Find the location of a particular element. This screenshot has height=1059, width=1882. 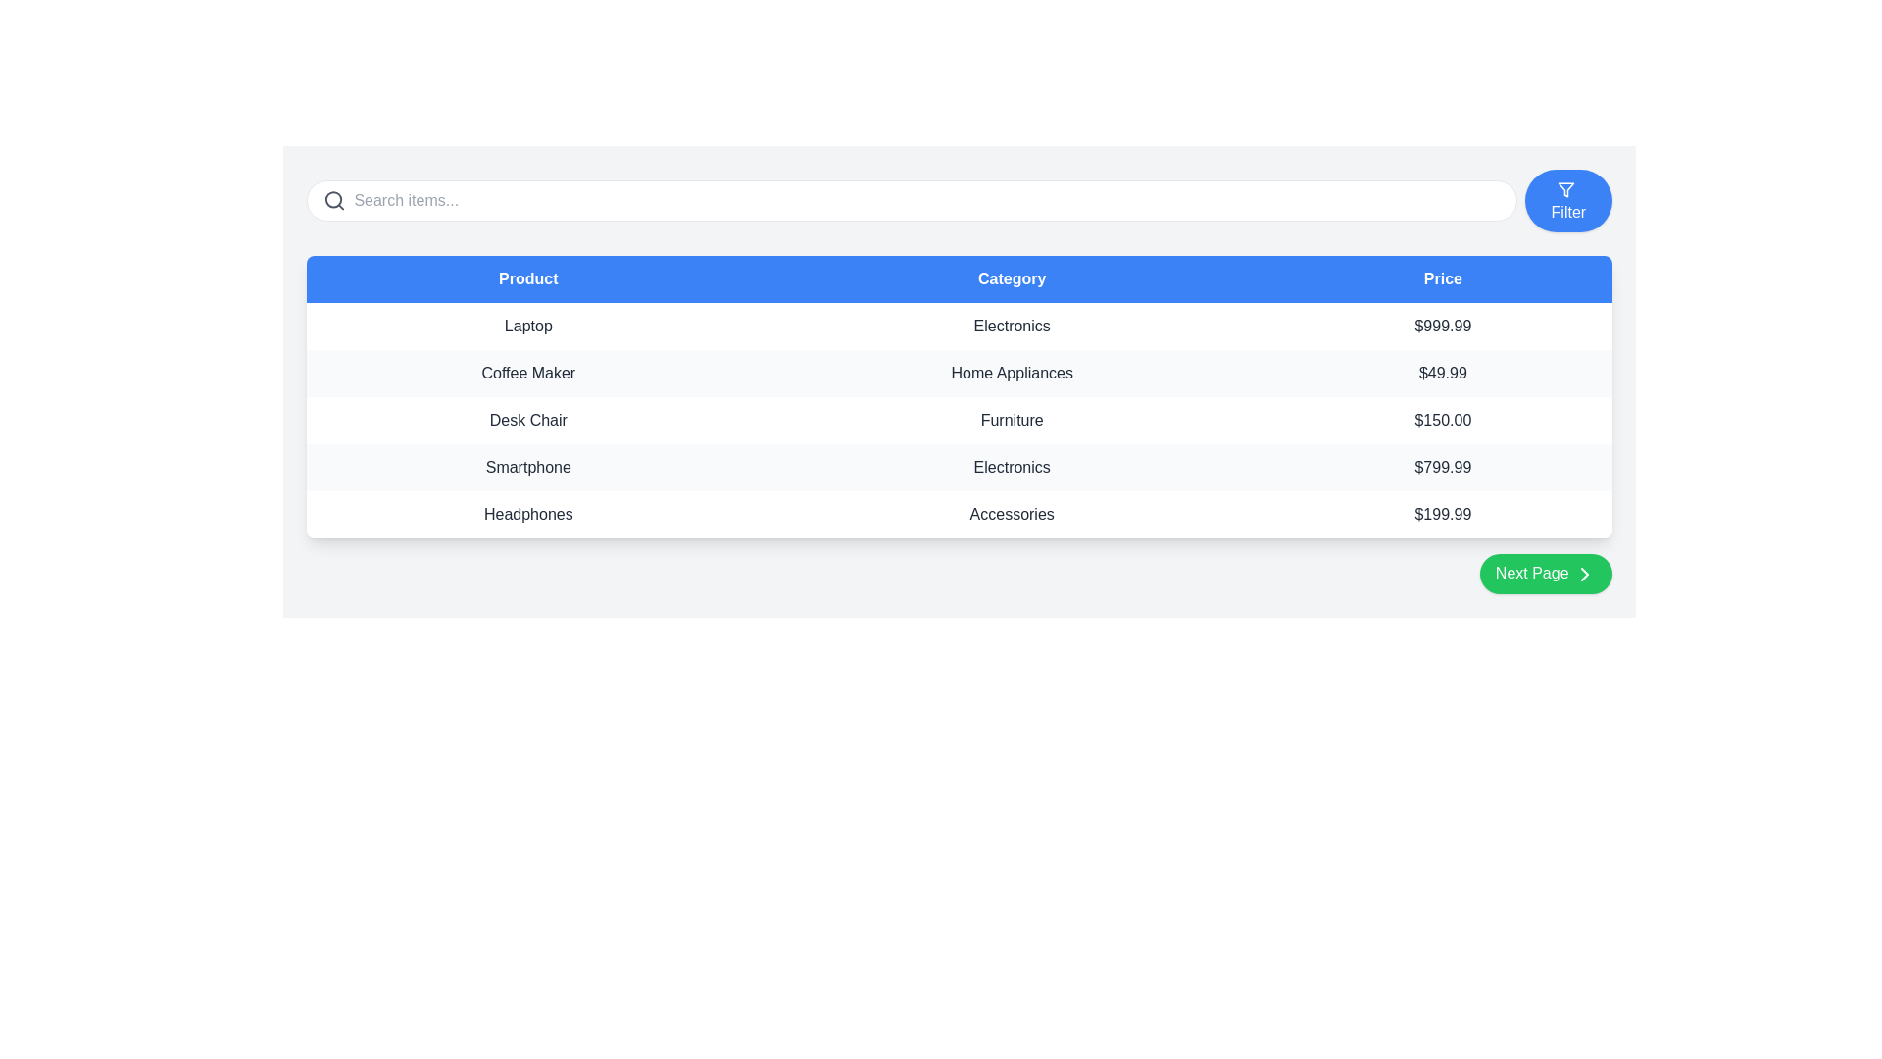

the fifth row in the table displaying 'Headphones', 'Accessories', and '$199.99', which is highlighted due to hovering is located at coordinates (960, 513).